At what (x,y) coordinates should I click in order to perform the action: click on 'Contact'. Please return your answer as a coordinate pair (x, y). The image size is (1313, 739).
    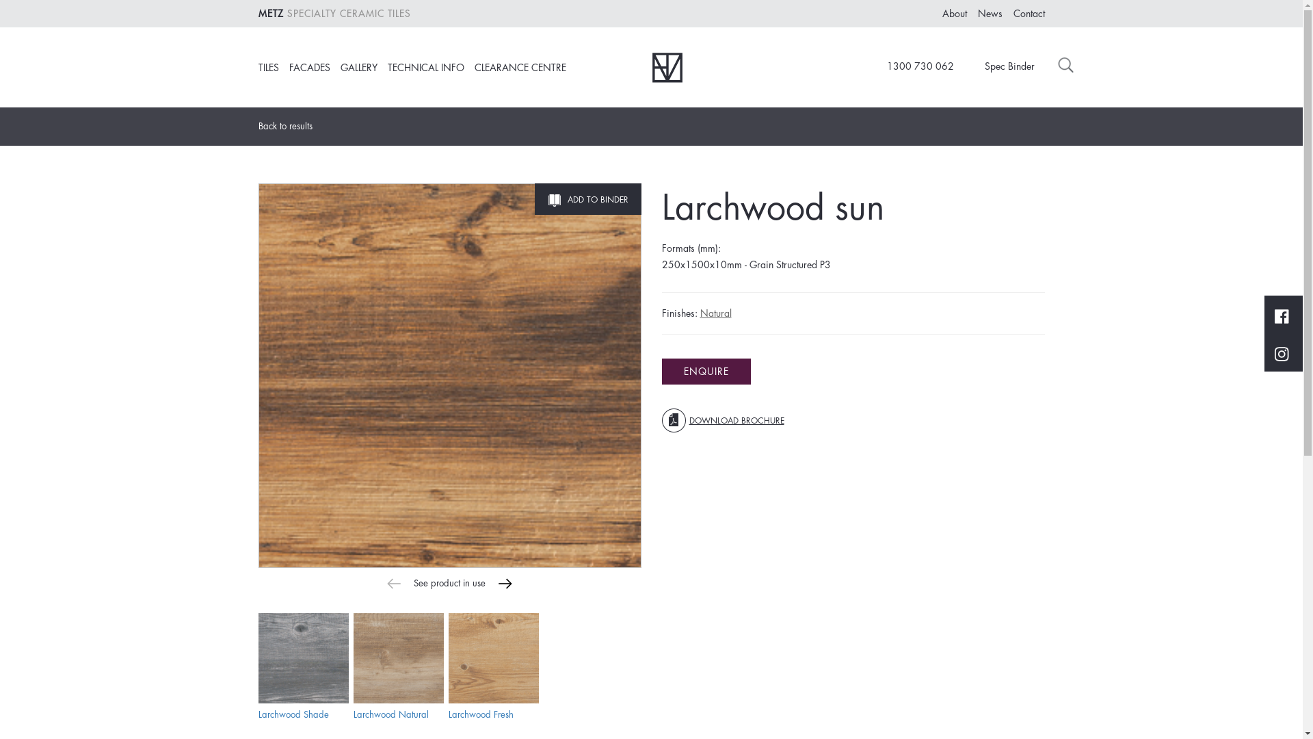
    Looking at the image, I should click on (1013, 13).